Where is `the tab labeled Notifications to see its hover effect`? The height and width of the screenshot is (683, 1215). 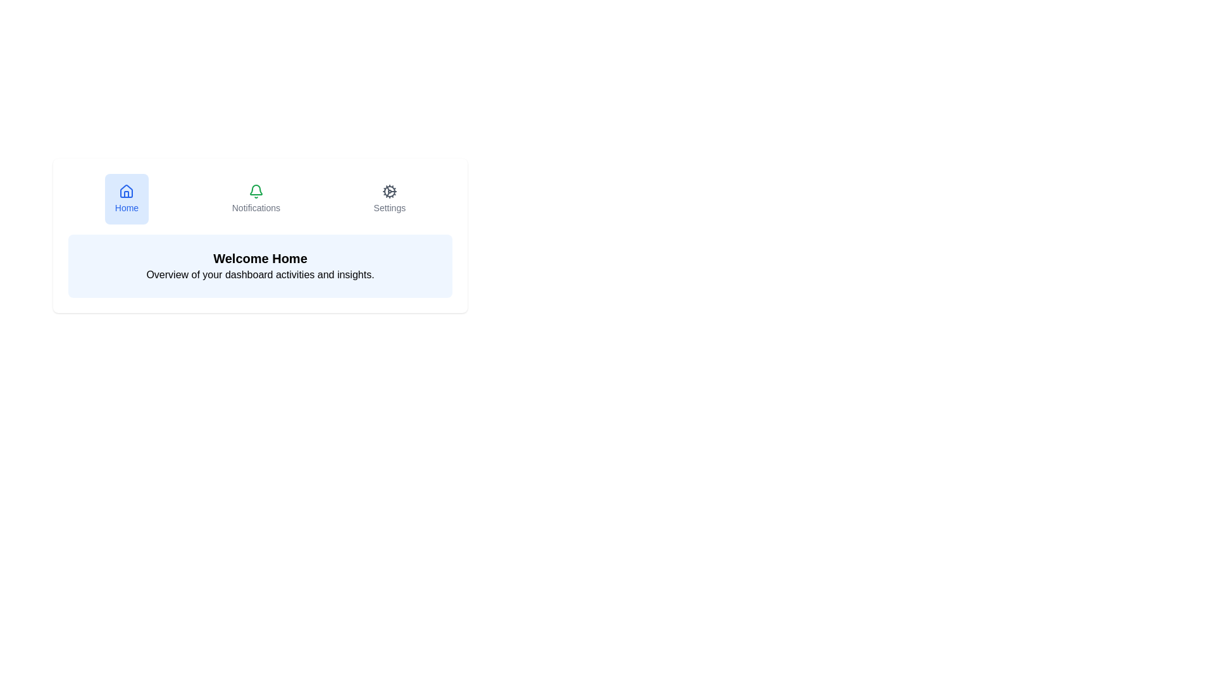 the tab labeled Notifications to see its hover effect is located at coordinates (254, 199).